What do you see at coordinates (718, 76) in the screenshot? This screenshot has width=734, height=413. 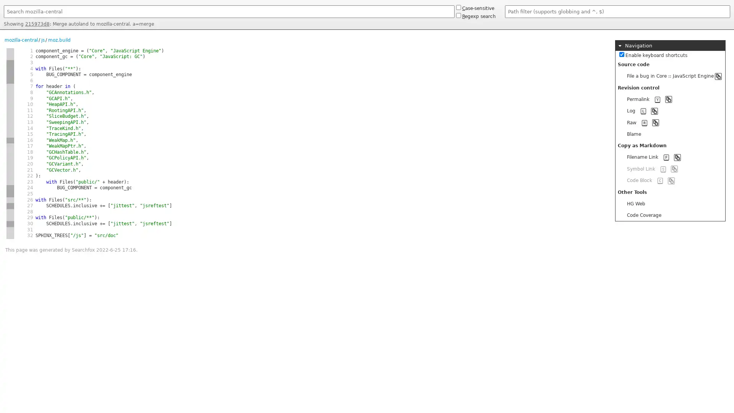 I see `Copy to clipboard` at bounding box center [718, 76].